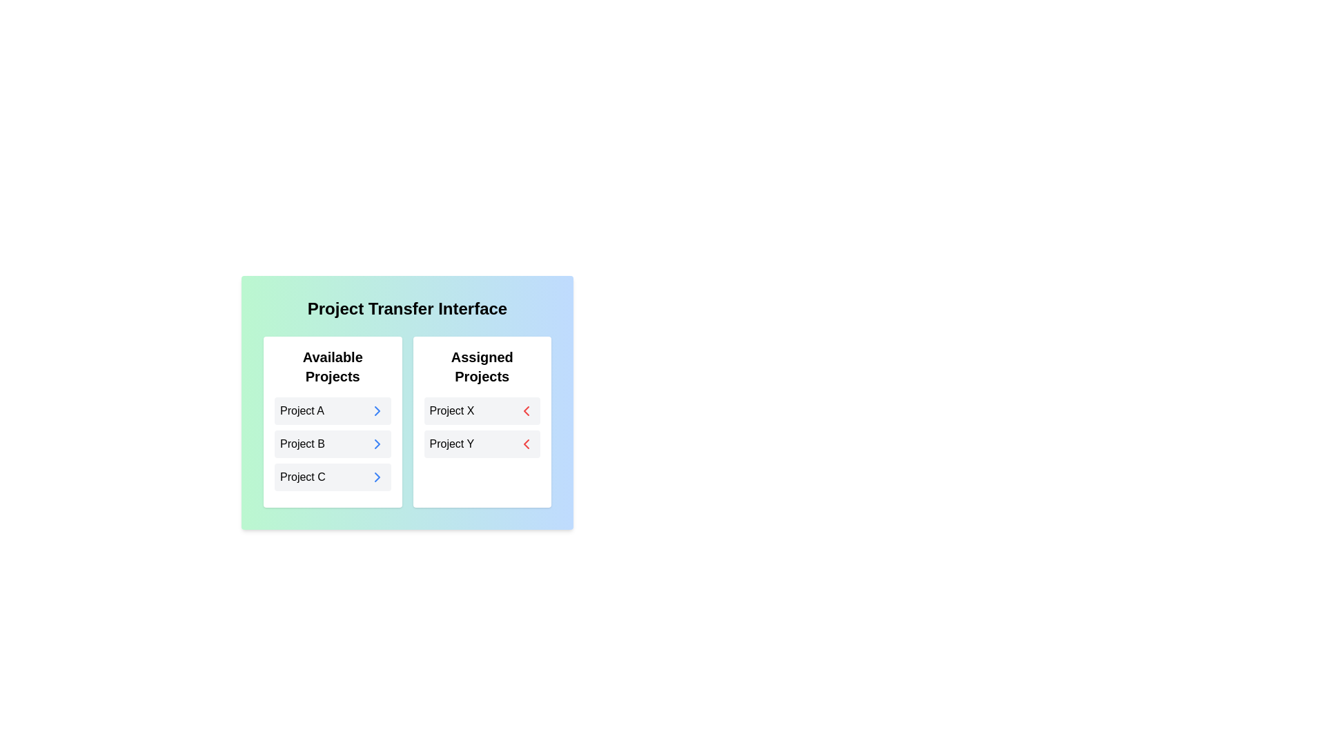  I want to click on the rightward-pointing blue arrow icon in the 'Available Projects' list, located next to 'Project B', so click(377, 444).